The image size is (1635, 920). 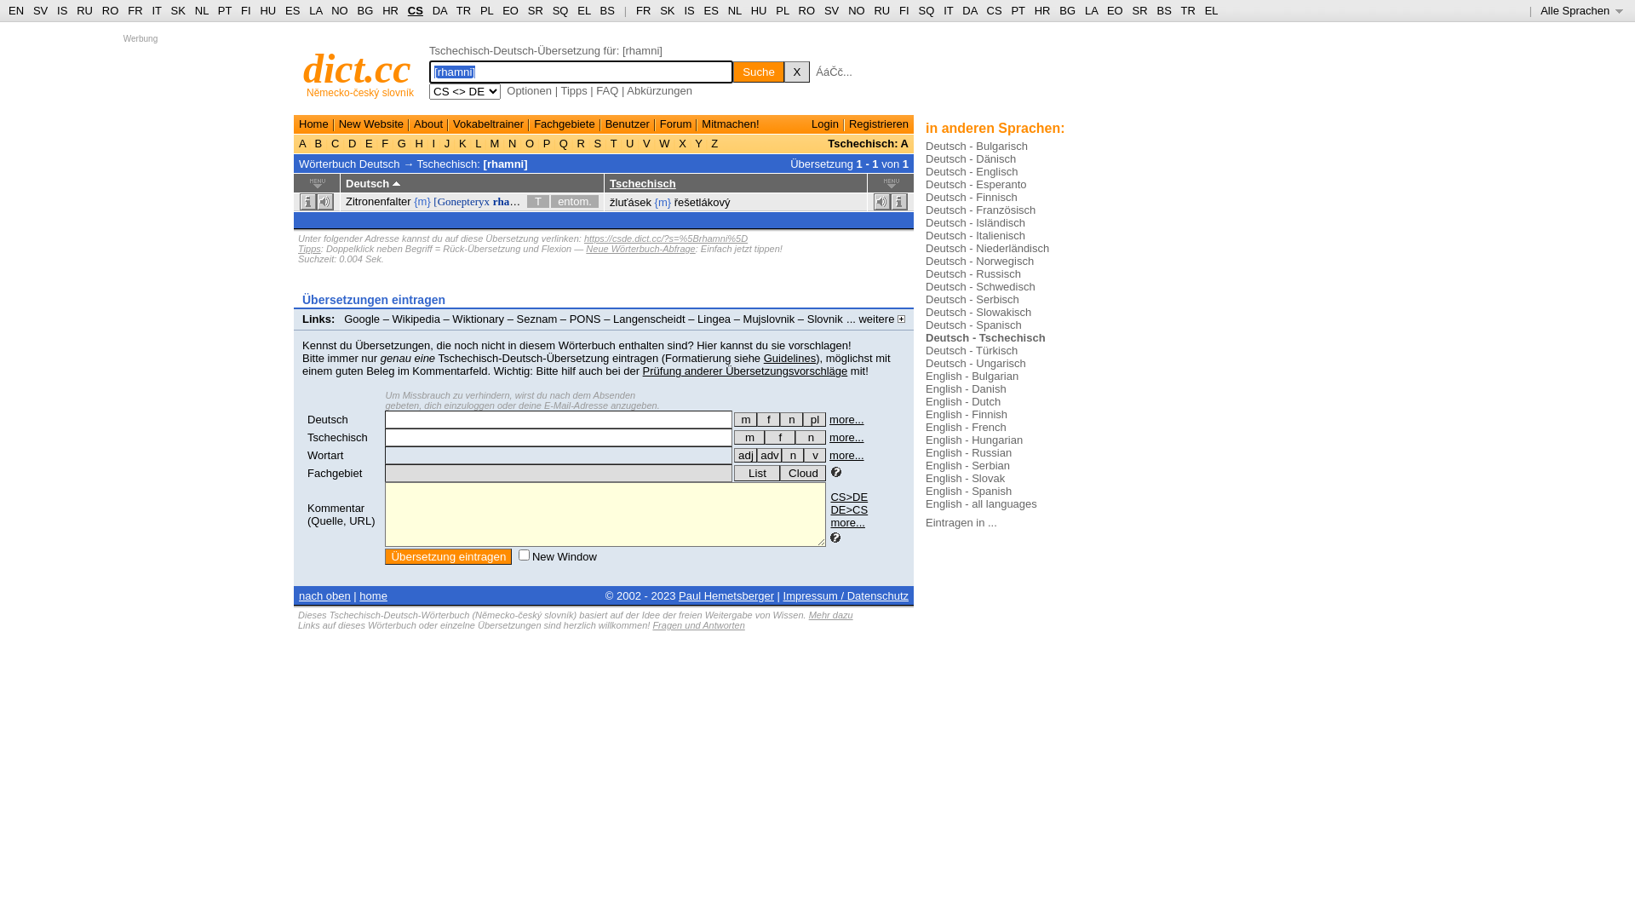 What do you see at coordinates (666, 10) in the screenshot?
I see `'SK'` at bounding box center [666, 10].